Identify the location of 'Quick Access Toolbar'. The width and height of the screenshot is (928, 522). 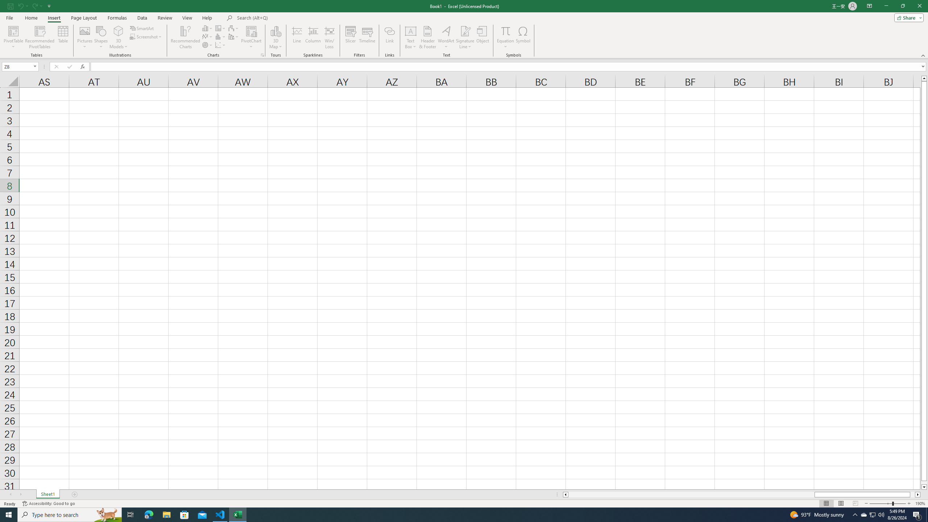
(30, 6).